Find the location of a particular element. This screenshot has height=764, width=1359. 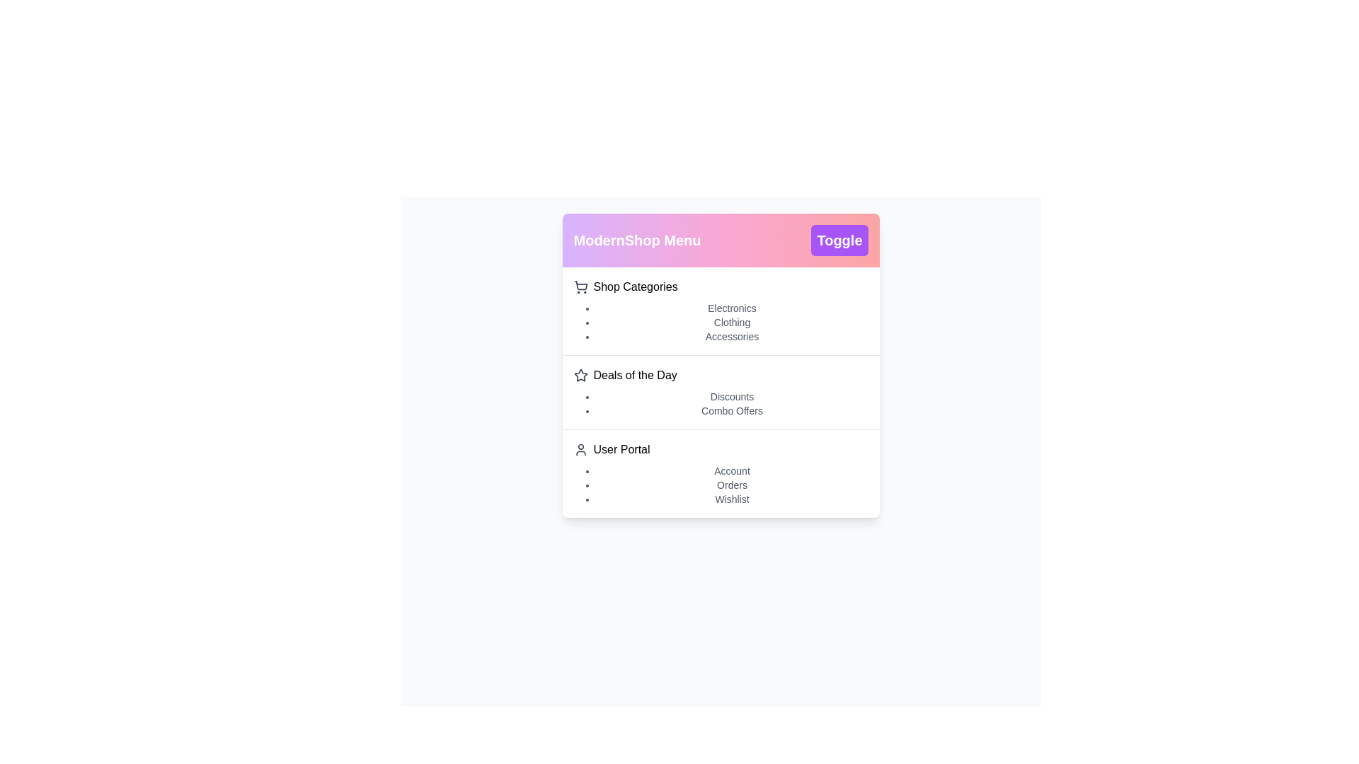

the 'Toggle' button to toggle the menu visibility is located at coordinates (839, 239).